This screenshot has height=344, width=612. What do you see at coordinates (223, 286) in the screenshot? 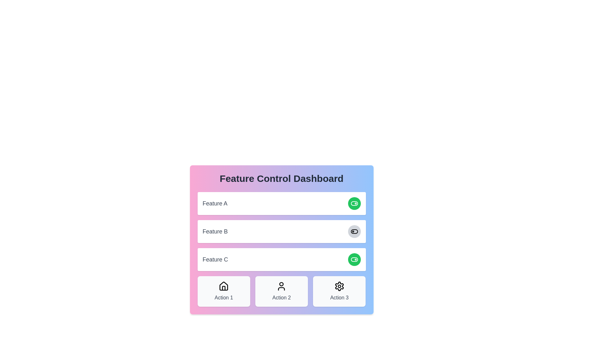
I see `the house icon located at the center of the 'Action 1' card` at bounding box center [223, 286].